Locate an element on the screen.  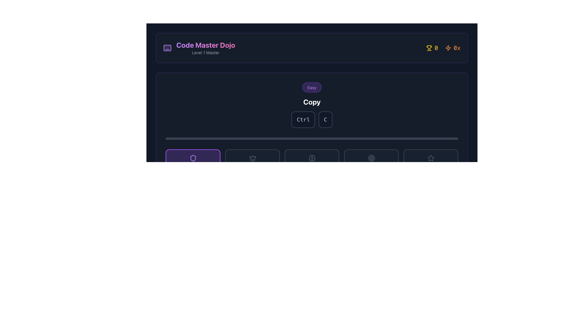
heading text element that displays 'Code Master Dojo', which is large, bold, and colorful with a gradient from purple to pink is located at coordinates (206, 44).